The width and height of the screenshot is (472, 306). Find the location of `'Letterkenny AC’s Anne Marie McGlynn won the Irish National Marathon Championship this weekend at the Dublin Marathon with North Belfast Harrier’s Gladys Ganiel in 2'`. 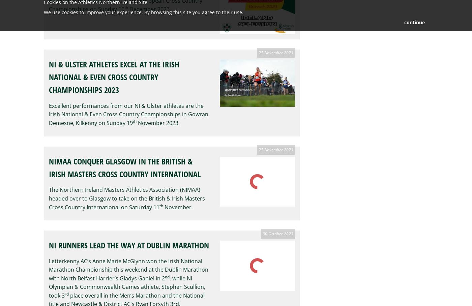

'Letterkenny AC’s Anne Marie McGlynn won the Irish National Marathon Championship this weekend at the Dublin Marathon with North Belfast Harrier’s Gladys Ganiel in 2' is located at coordinates (49, 269).